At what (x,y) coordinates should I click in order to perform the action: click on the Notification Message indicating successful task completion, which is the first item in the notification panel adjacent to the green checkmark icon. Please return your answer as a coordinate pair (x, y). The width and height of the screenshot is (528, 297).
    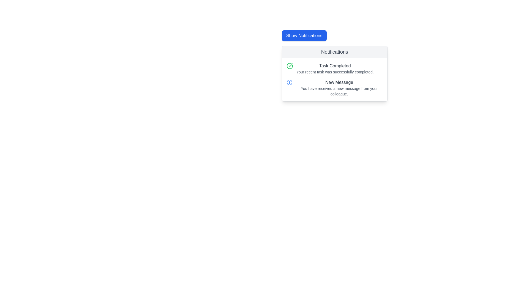
    Looking at the image, I should click on (335, 68).